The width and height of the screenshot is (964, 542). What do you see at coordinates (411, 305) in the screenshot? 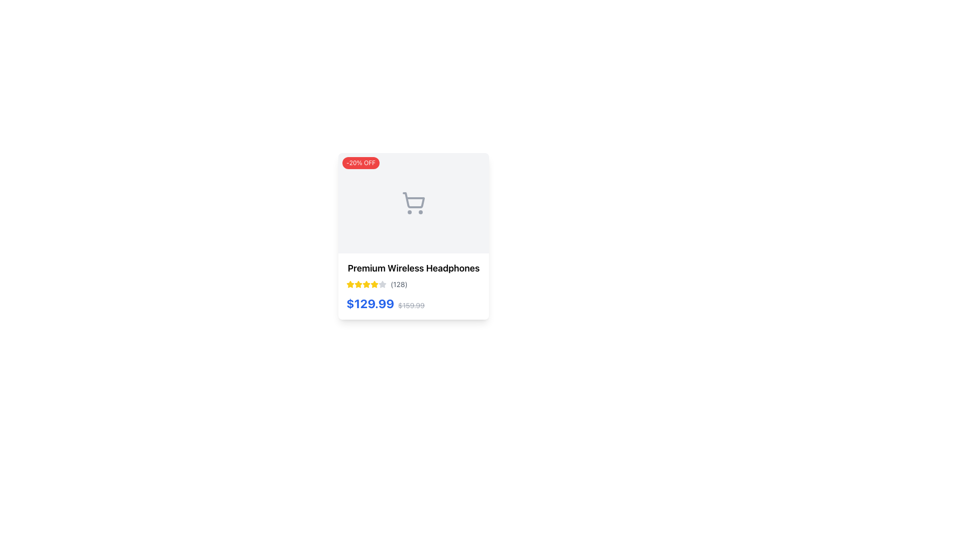
I see `the text label displaying the prior price of '$159.99', which is styled with a line-through effect and located to the right of the discounted price label '$129.99'` at bounding box center [411, 305].